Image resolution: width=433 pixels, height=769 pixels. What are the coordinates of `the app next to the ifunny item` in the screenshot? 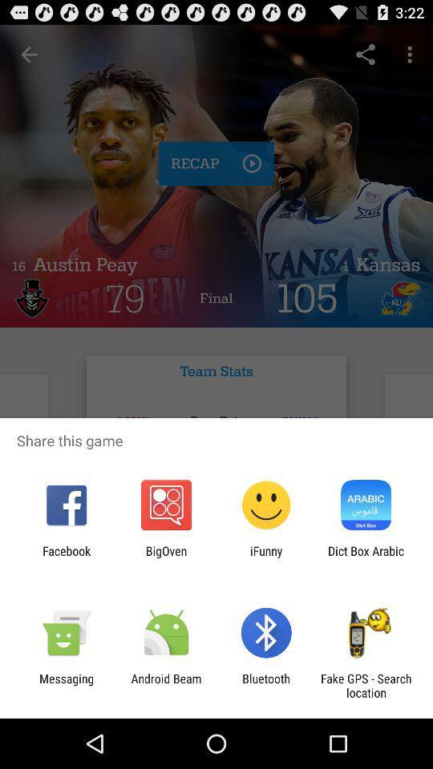 It's located at (165, 558).